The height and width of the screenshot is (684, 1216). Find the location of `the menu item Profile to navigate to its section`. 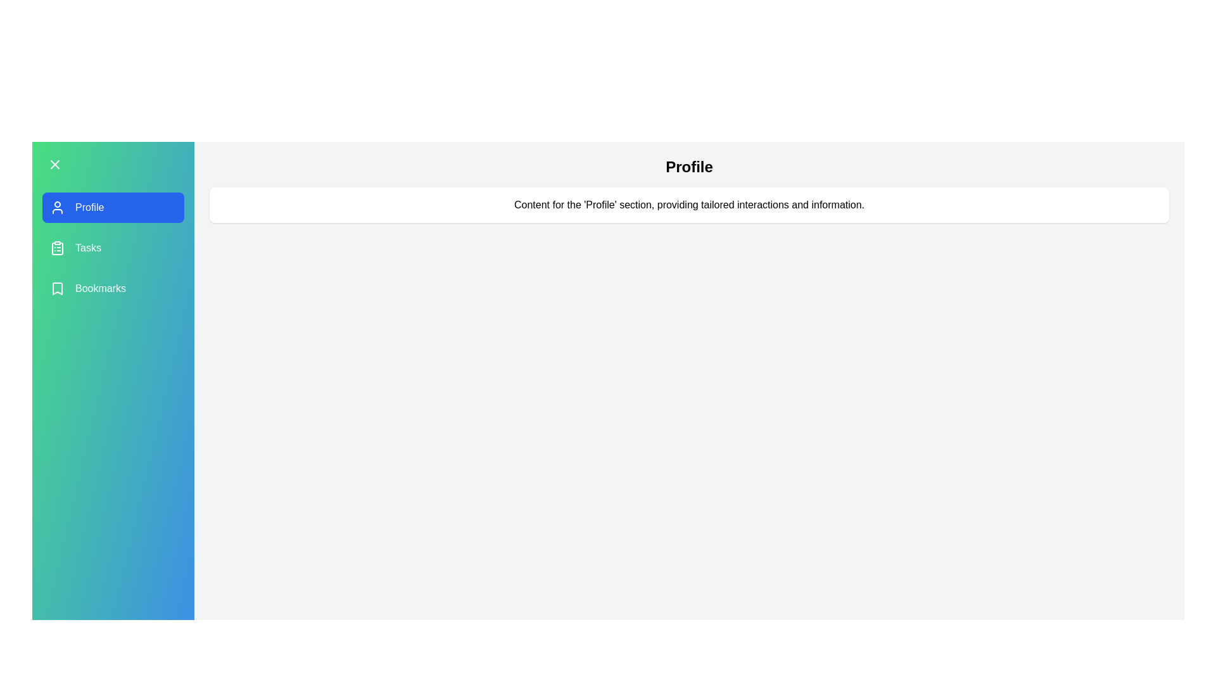

the menu item Profile to navigate to its section is located at coordinates (113, 206).